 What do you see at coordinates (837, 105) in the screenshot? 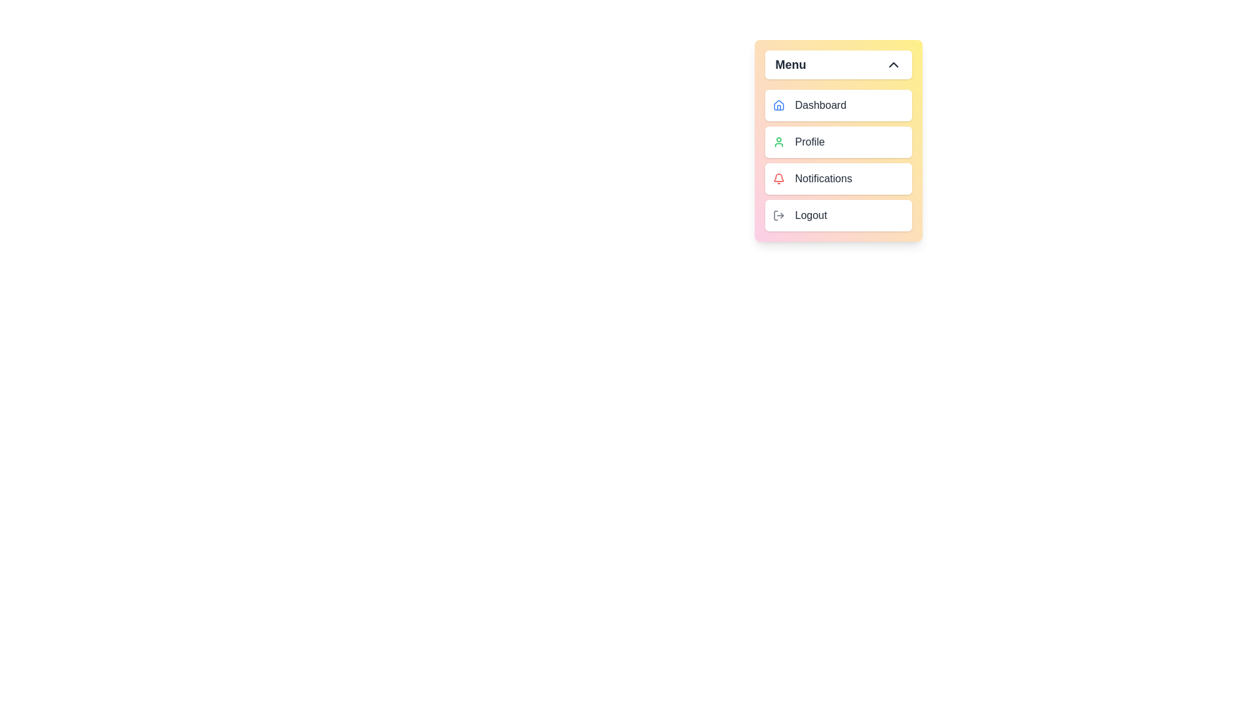
I see `the menu item Dashboard to preview its action` at bounding box center [837, 105].